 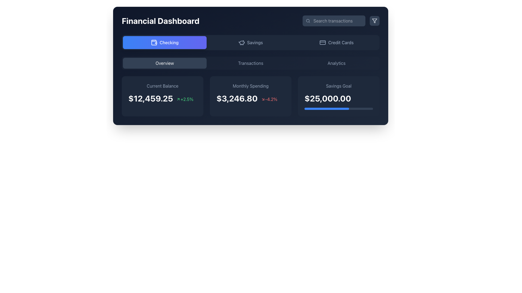 I want to click on the wallet icon located to the left of the 'Checking' button in the navigation bar, which features a gradient background from blue to indigo and a circular cutout on the right side, so click(x=154, y=42).